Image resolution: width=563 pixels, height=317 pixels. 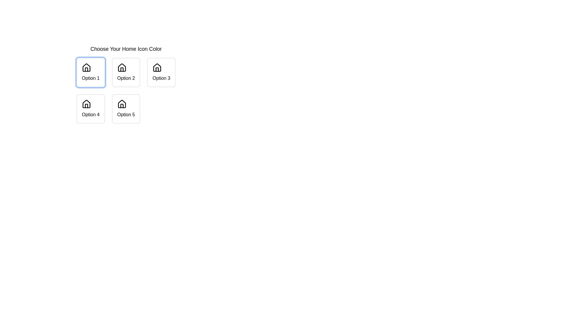 What do you see at coordinates (157, 67) in the screenshot?
I see `the home icon representing 'Option 3' in the top-right corner of the grid` at bounding box center [157, 67].